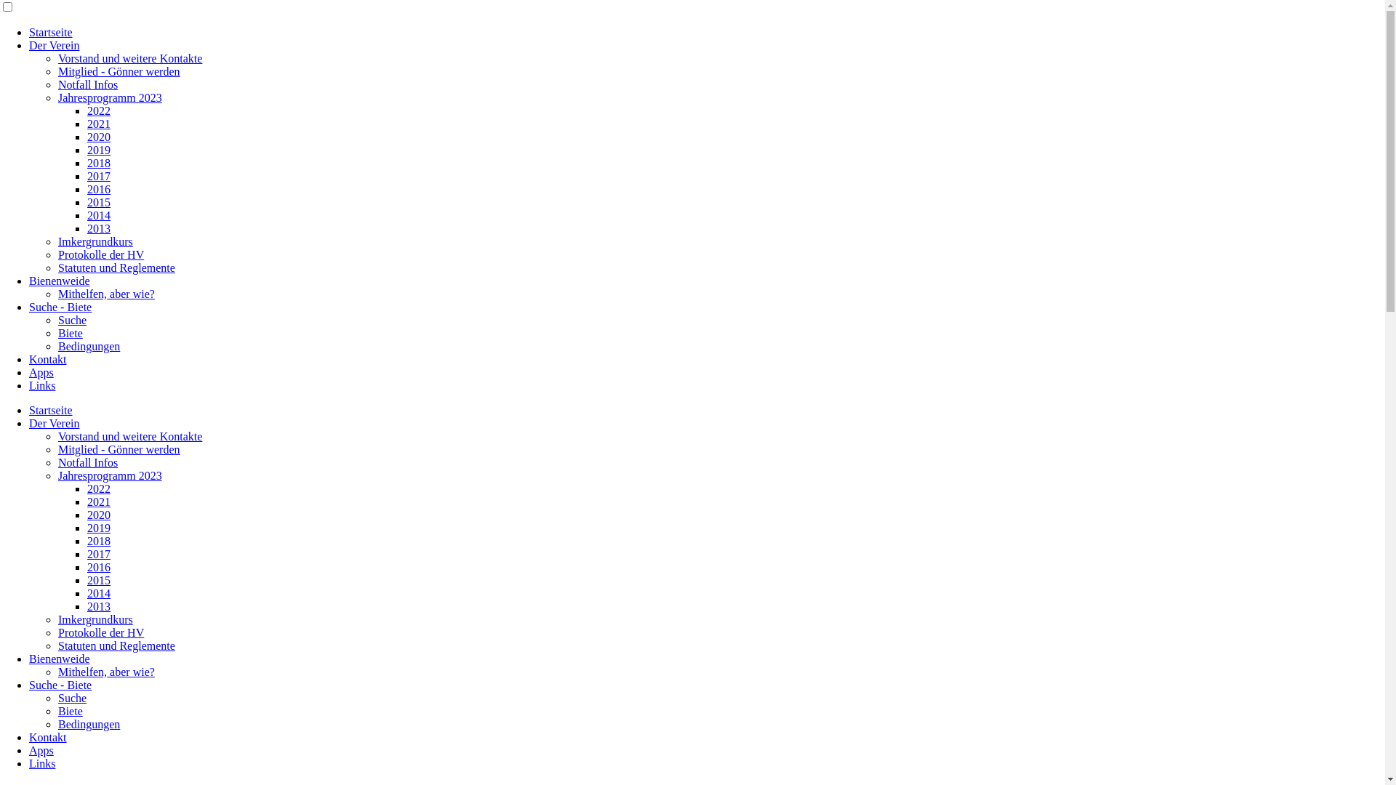  What do you see at coordinates (87, 462) in the screenshot?
I see `'Notfall Infos'` at bounding box center [87, 462].